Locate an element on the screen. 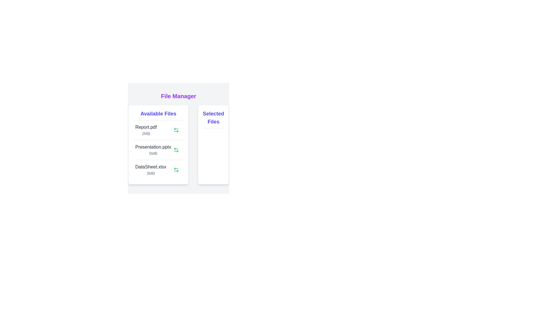 This screenshot has width=553, height=311. the static text label displaying the name of the file, which is located above the size indicator '3MB' in the 'Available Files' section is located at coordinates (151, 167).